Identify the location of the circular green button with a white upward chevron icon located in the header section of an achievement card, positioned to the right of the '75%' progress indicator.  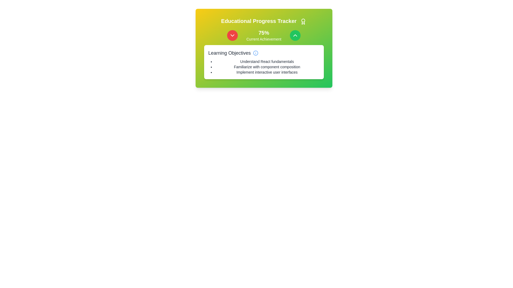
(295, 35).